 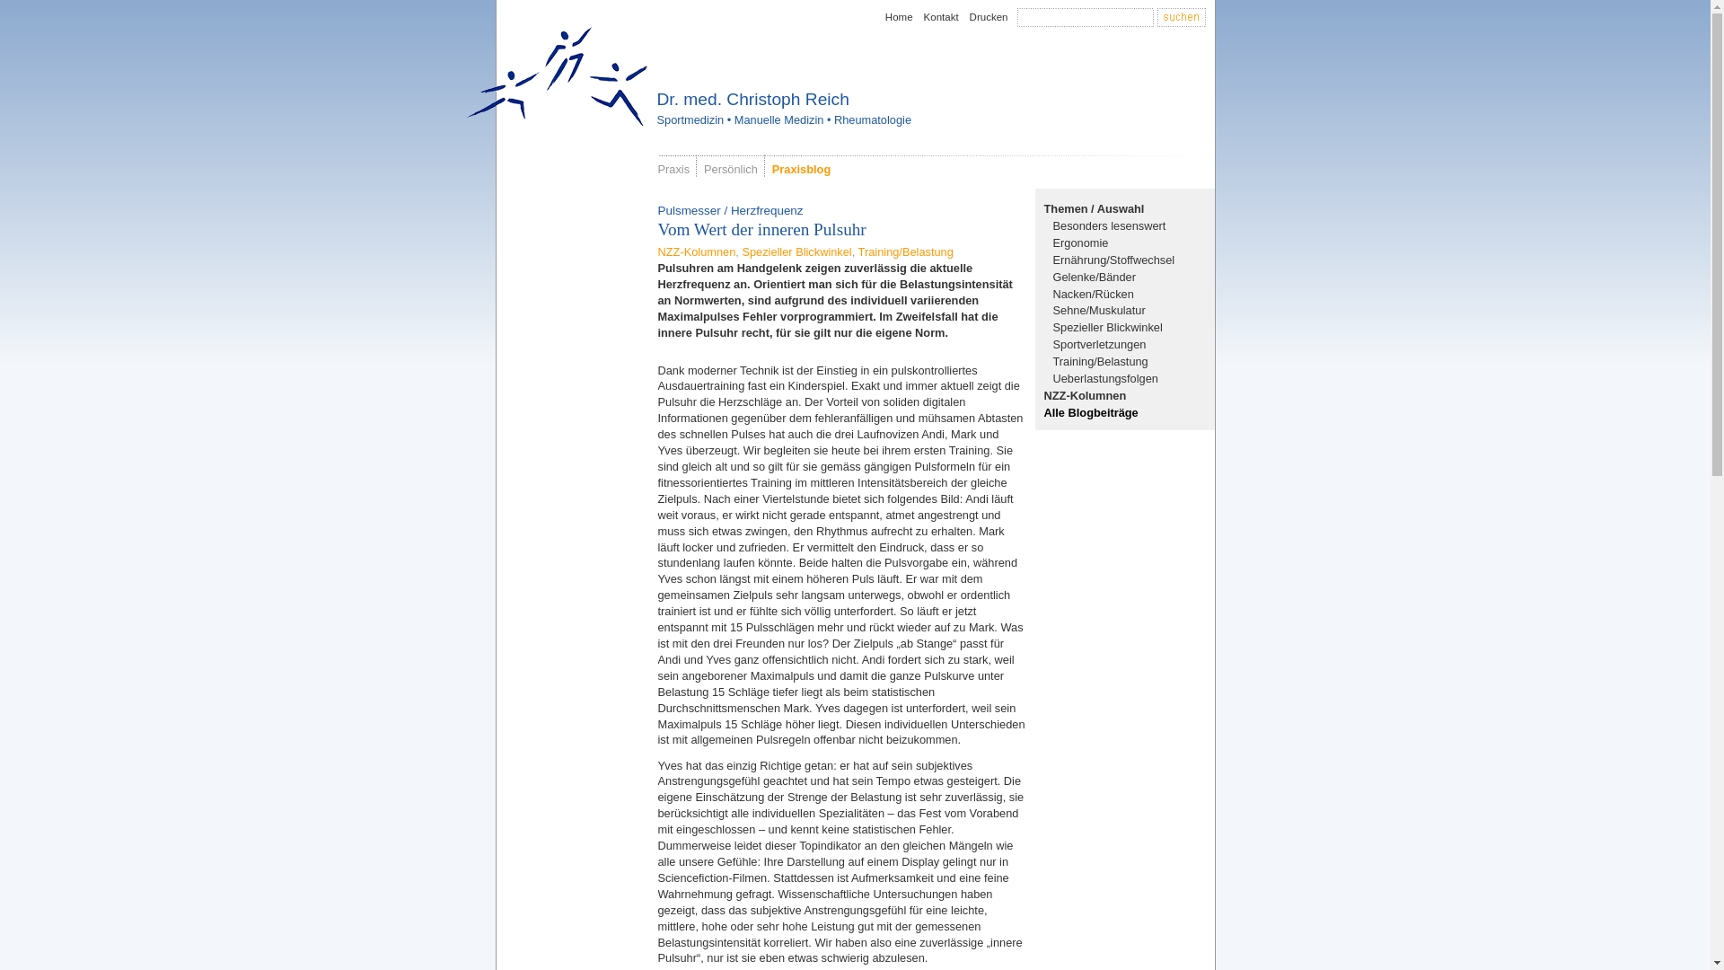 I want to click on 'Kontakt', so click(x=940, y=17).